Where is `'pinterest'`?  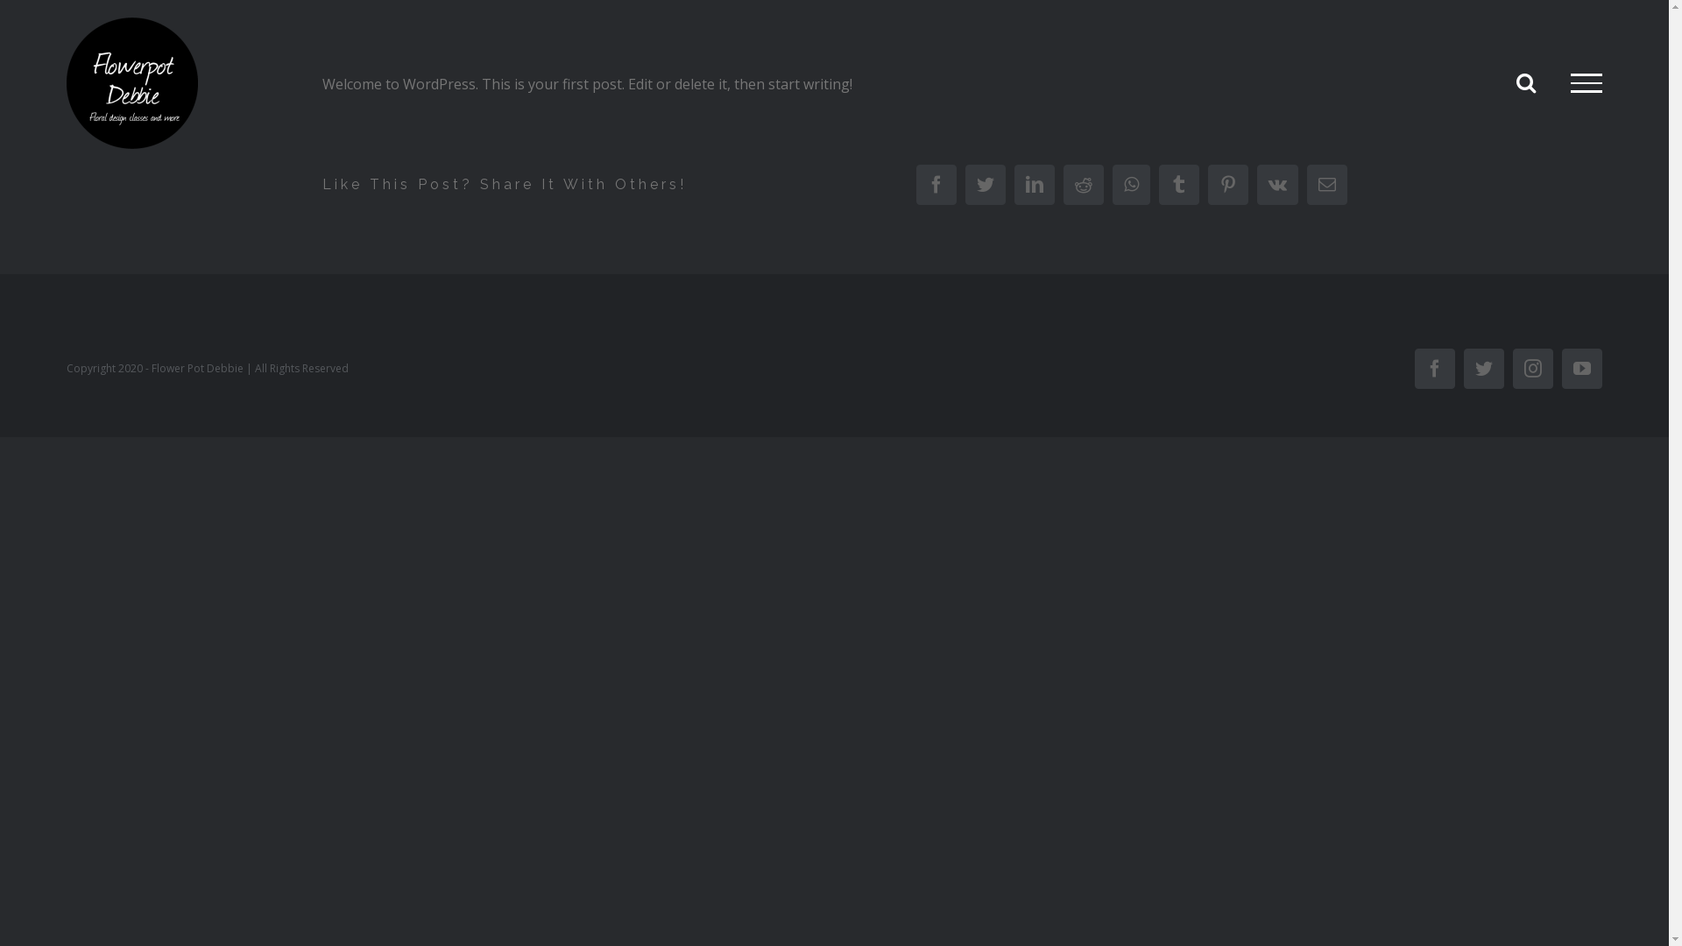
'pinterest' is located at coordinates (1226, 185).